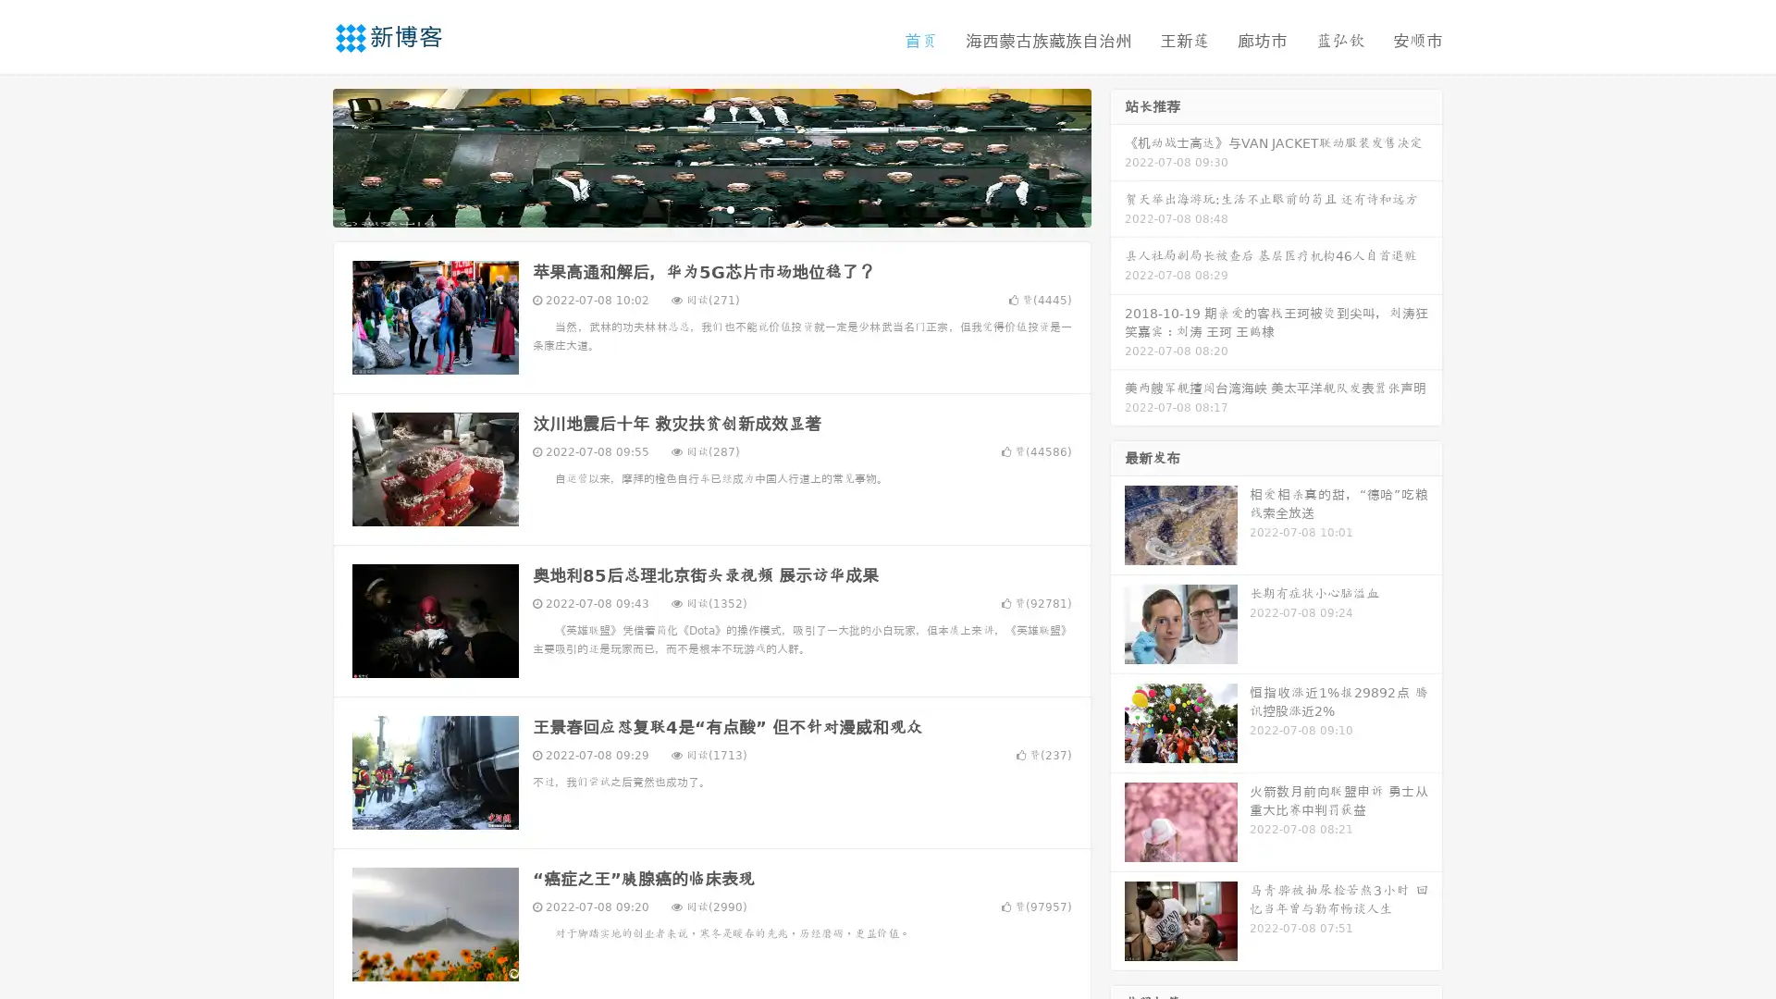  Describe the element at coordinates (710, 208) in the screenshot. I see `Go to slide 2` at that location.